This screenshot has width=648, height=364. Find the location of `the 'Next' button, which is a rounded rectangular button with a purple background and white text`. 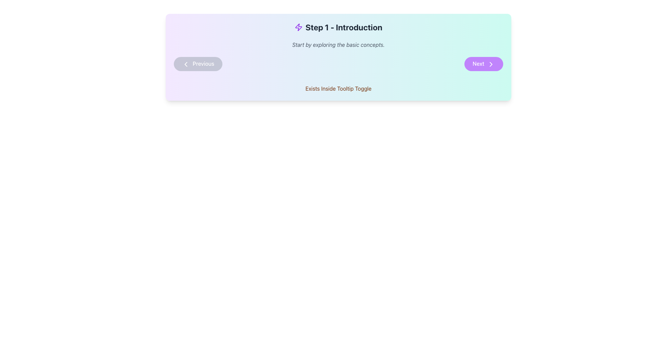

the 'Next' button, which is a rounded rectangular button with a purple background and white text is located at coordinates (483, 64).